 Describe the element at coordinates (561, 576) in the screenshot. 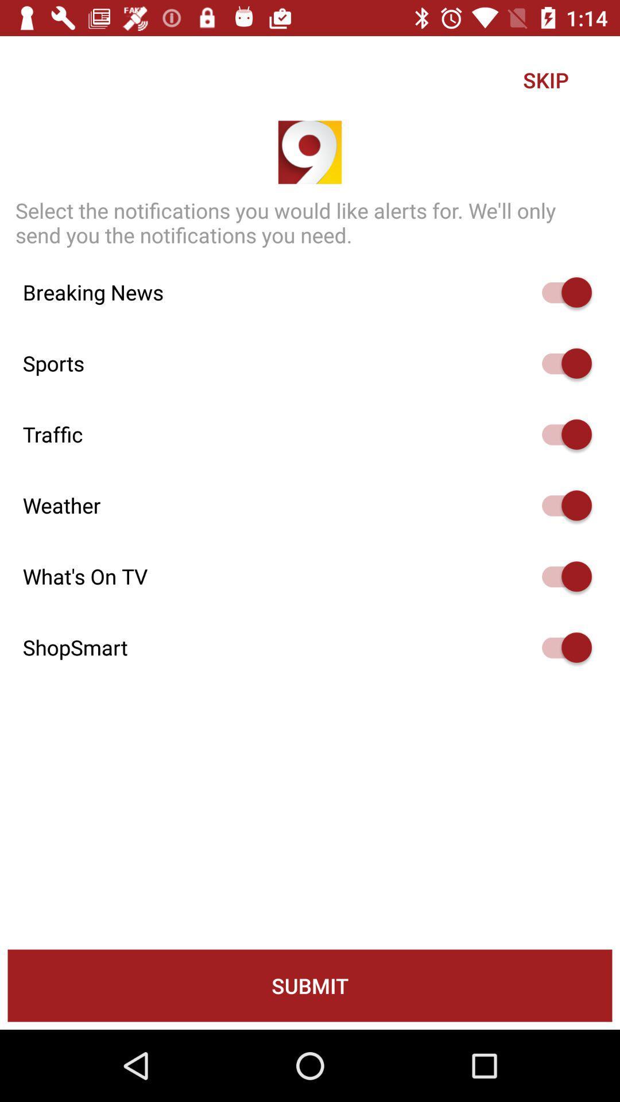

I see `option` at that location.